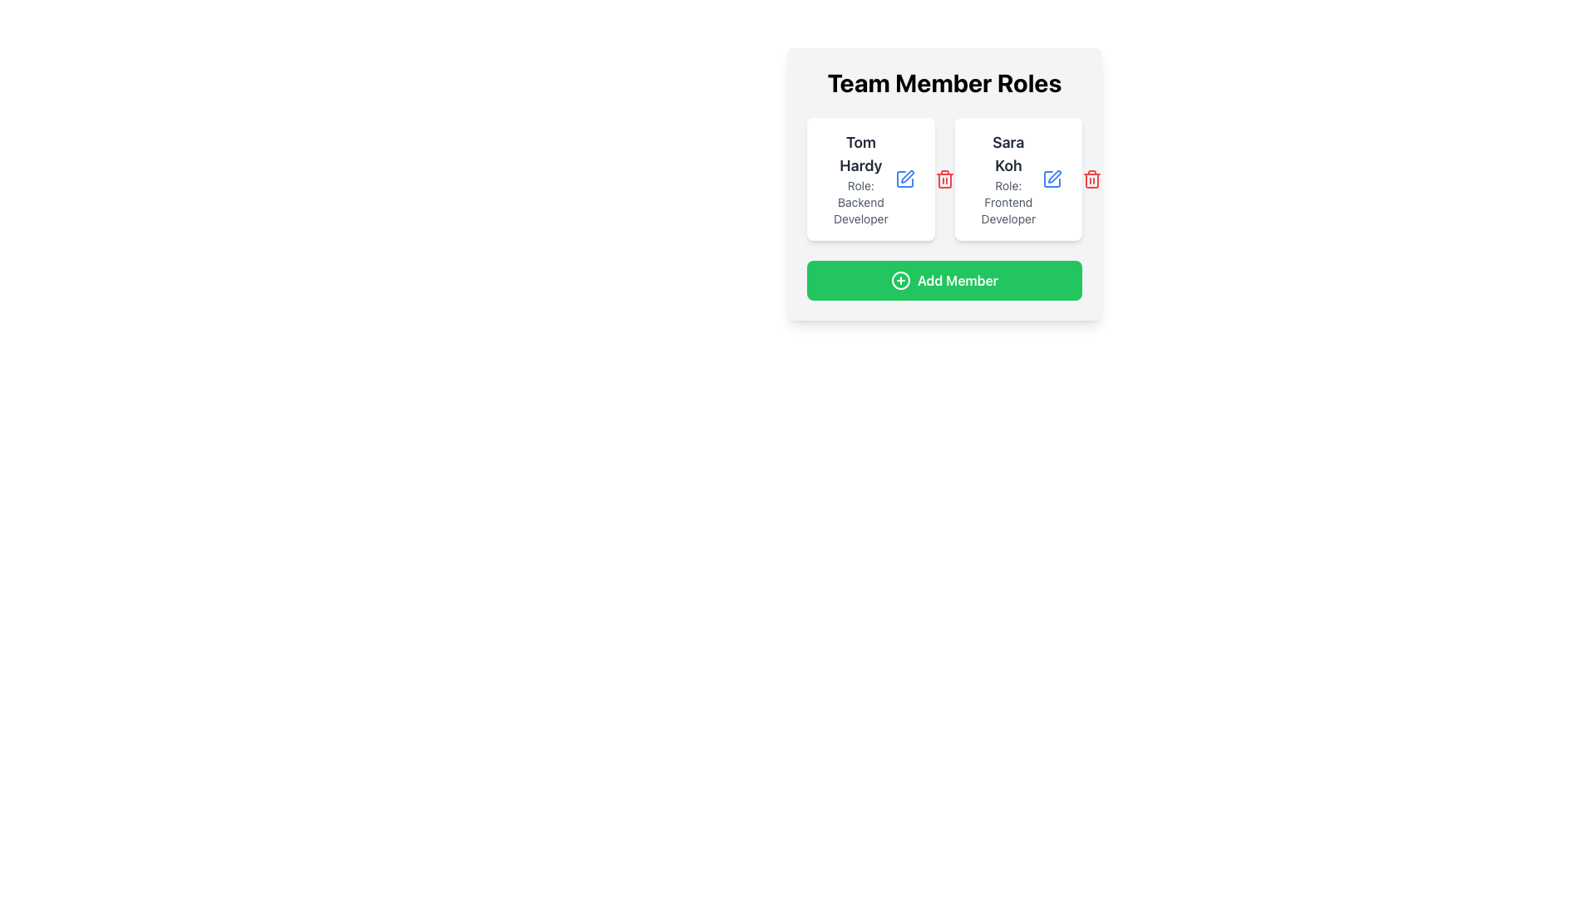  I want to click on the 'Add Member' button, which is a horizontally rectangular button with a green background, rounded borders, and a white icon of a circle with a plus symbol on the left side, so click(944, 280).